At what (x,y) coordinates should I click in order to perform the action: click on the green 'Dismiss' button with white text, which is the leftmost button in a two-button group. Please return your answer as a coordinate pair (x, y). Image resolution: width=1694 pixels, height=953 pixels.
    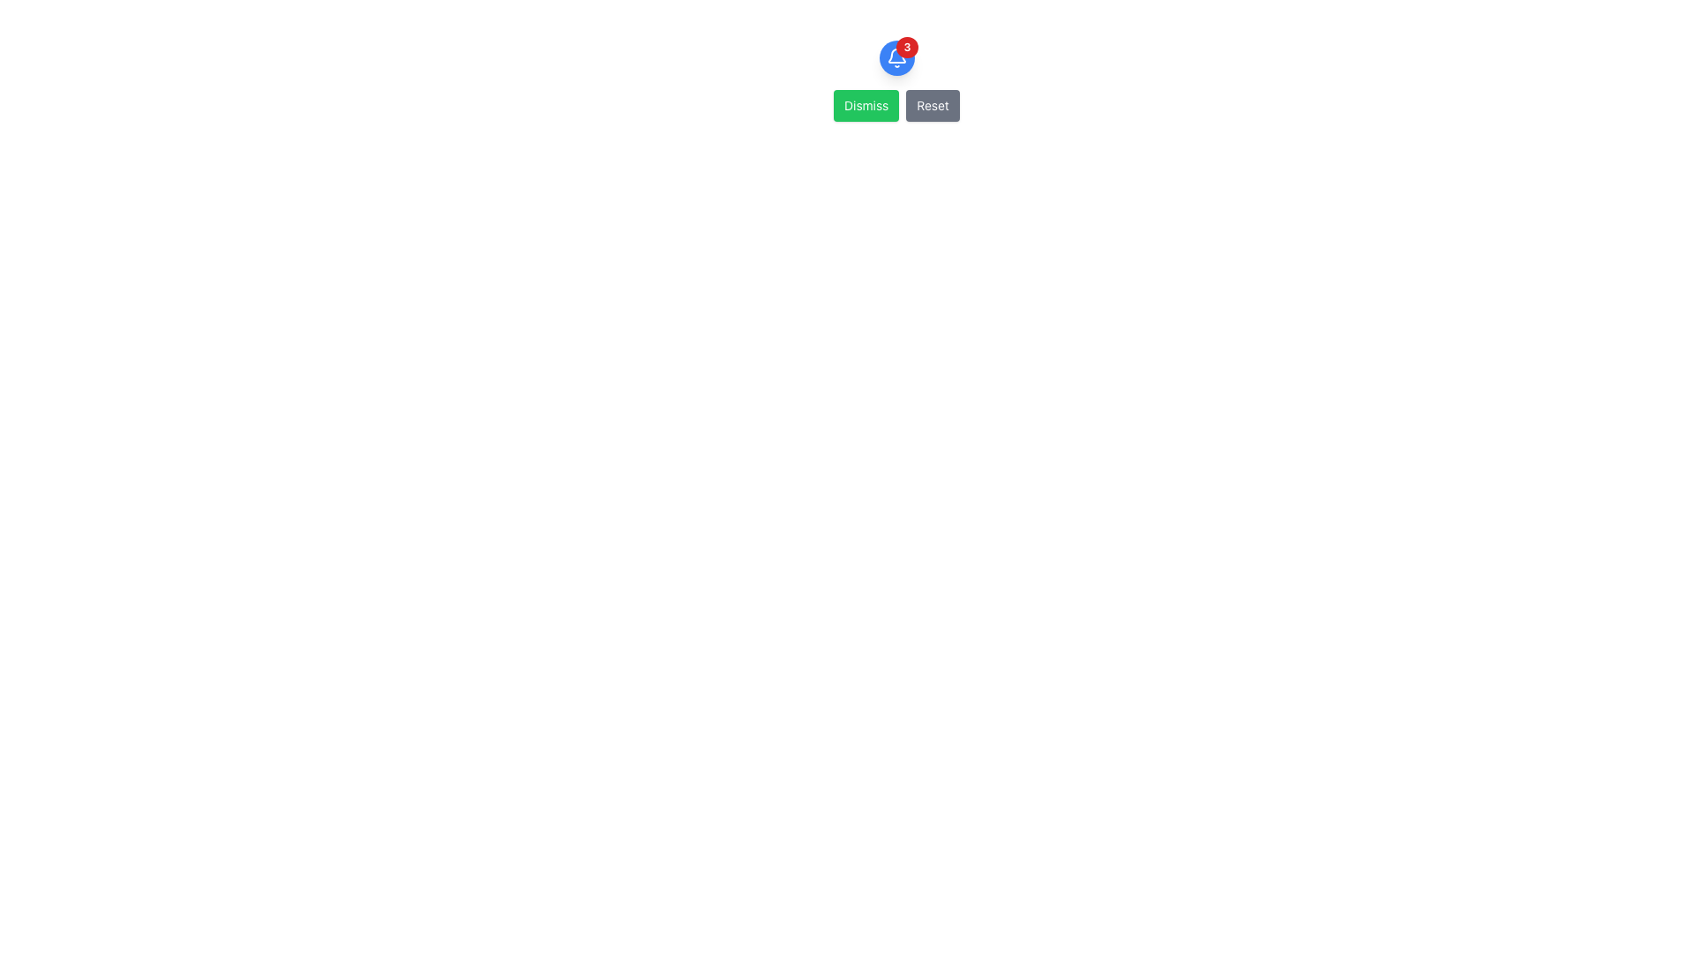
    Looking at the image, I should click on (866, 105).